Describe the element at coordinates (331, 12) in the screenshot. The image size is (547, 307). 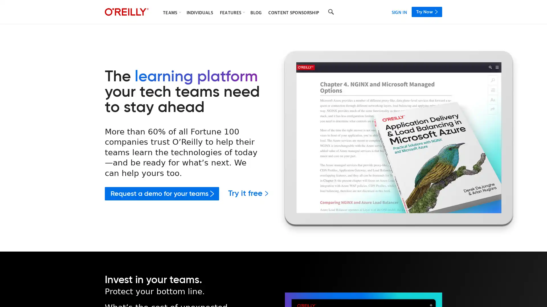
I see `Search` at that location.